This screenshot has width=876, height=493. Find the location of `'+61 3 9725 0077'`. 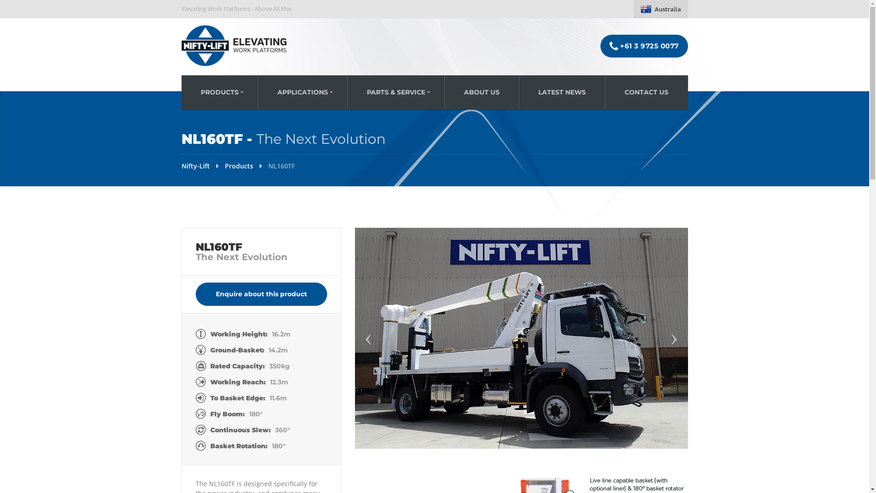

'+61 3 9725 0077' is located at coordinates (643, 46).